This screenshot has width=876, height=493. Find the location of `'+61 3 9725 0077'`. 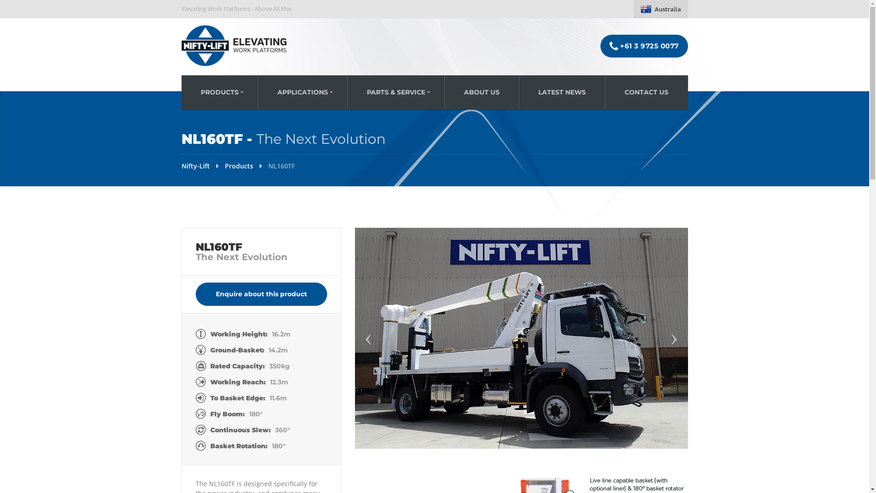

'+61 3 9725 0077' is located at coordinates (643, 46).